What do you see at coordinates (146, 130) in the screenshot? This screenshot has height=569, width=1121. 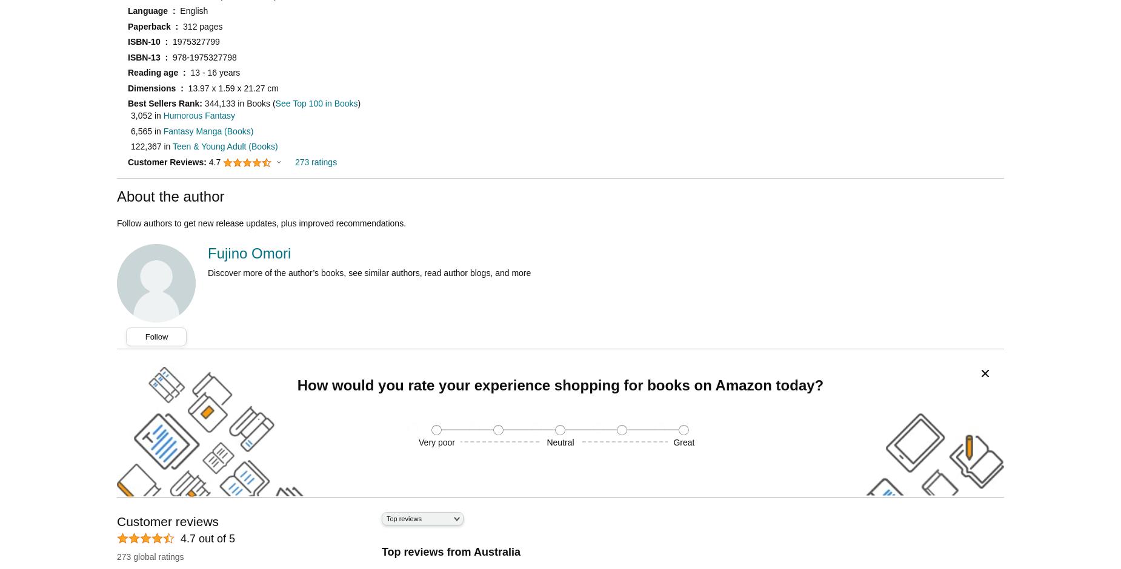 I see `'6,565 in'` at bounding box center [146, 130].